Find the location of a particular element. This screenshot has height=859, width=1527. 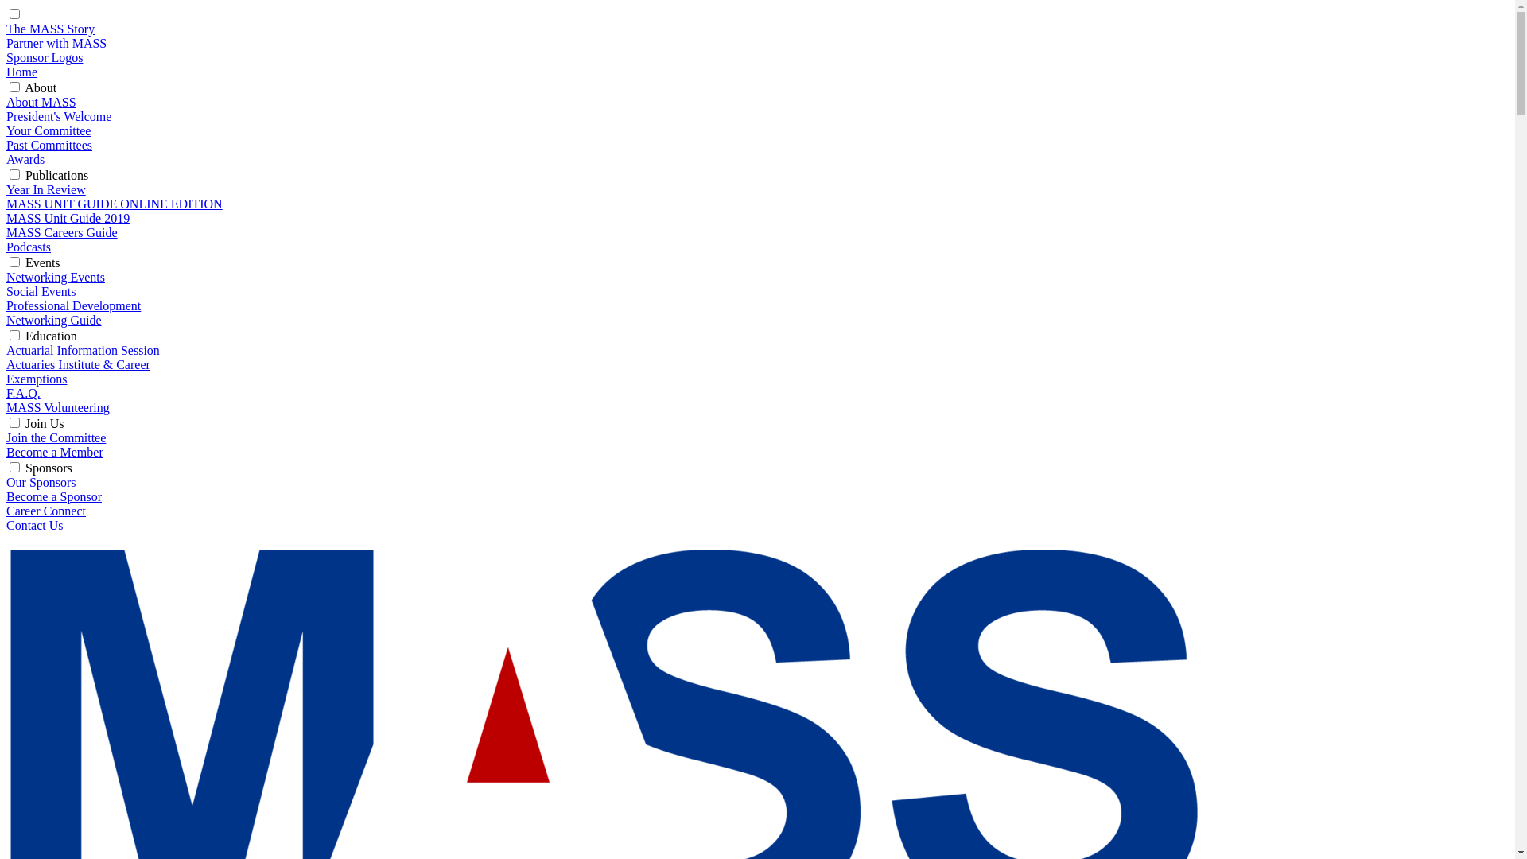

'Become a Sponsor' is located at coordinates (6, 496).